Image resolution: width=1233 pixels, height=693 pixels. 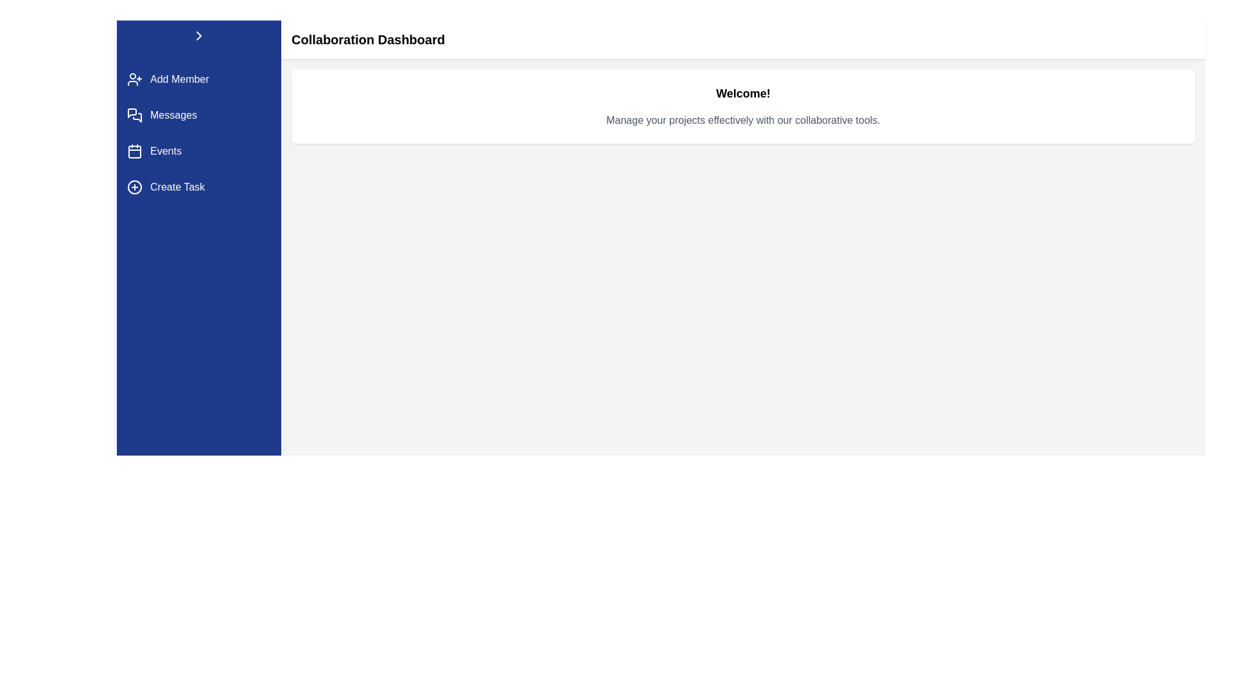 I want to click on the Add Member button located in the sidebar on the left side of the interface, so click(x=198, y=79).